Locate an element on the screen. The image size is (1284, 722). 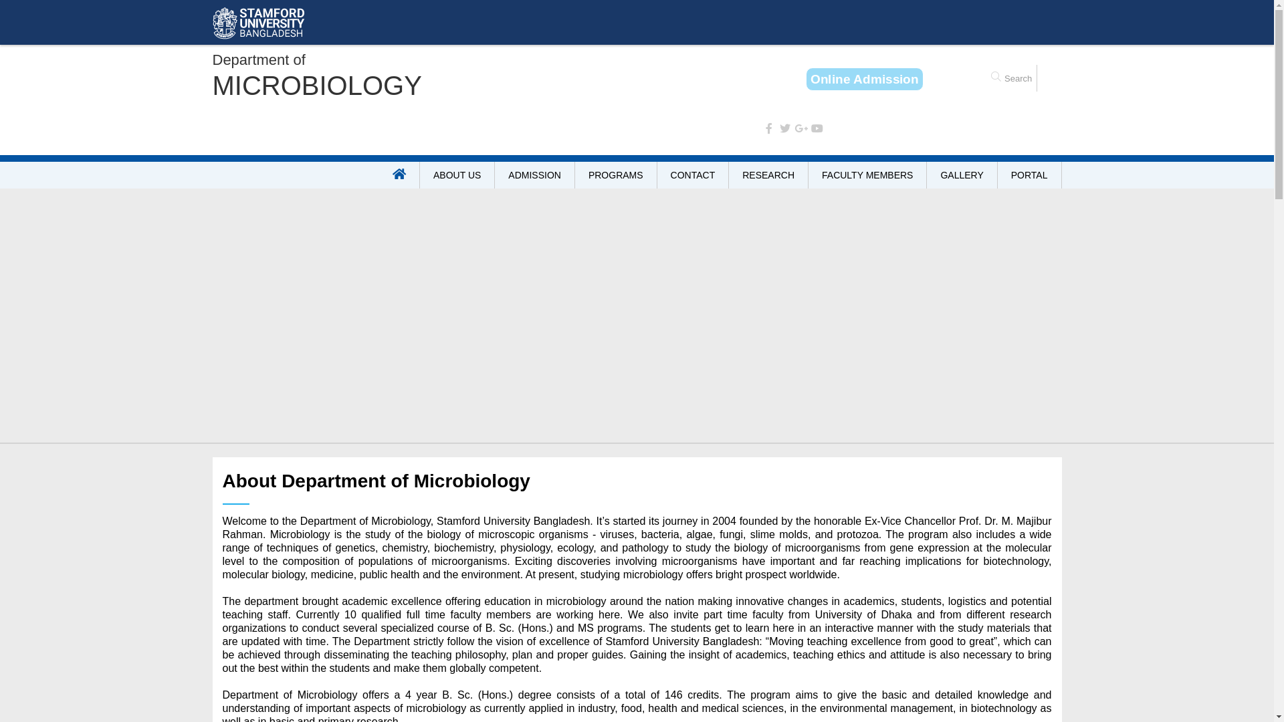
'Onlin' is located at coordinates (865, 78).